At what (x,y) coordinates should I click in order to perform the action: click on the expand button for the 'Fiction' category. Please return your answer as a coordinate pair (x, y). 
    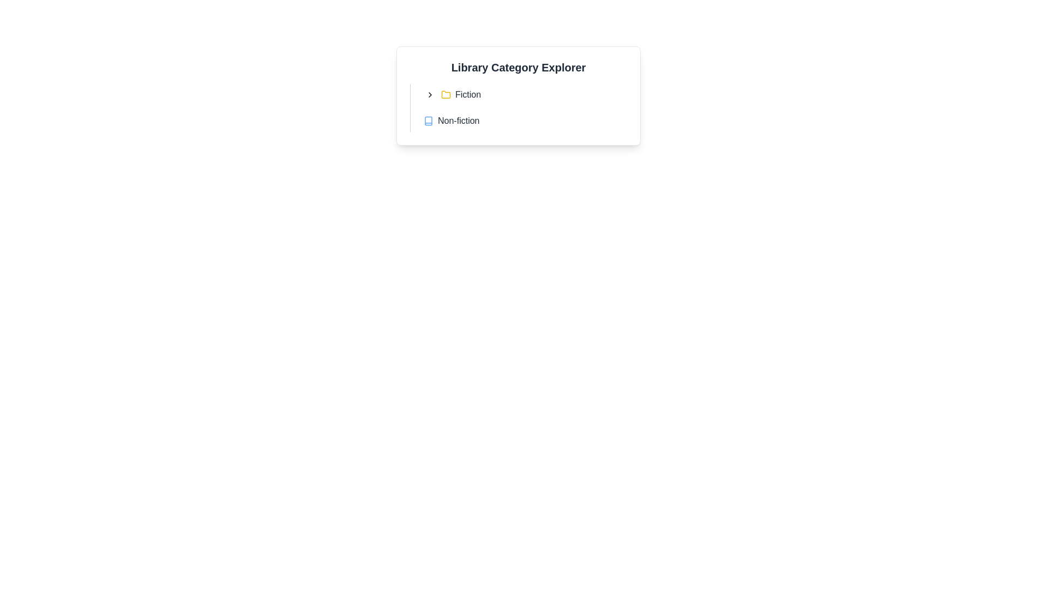
    Looking at the image, I should click on (429, 94).